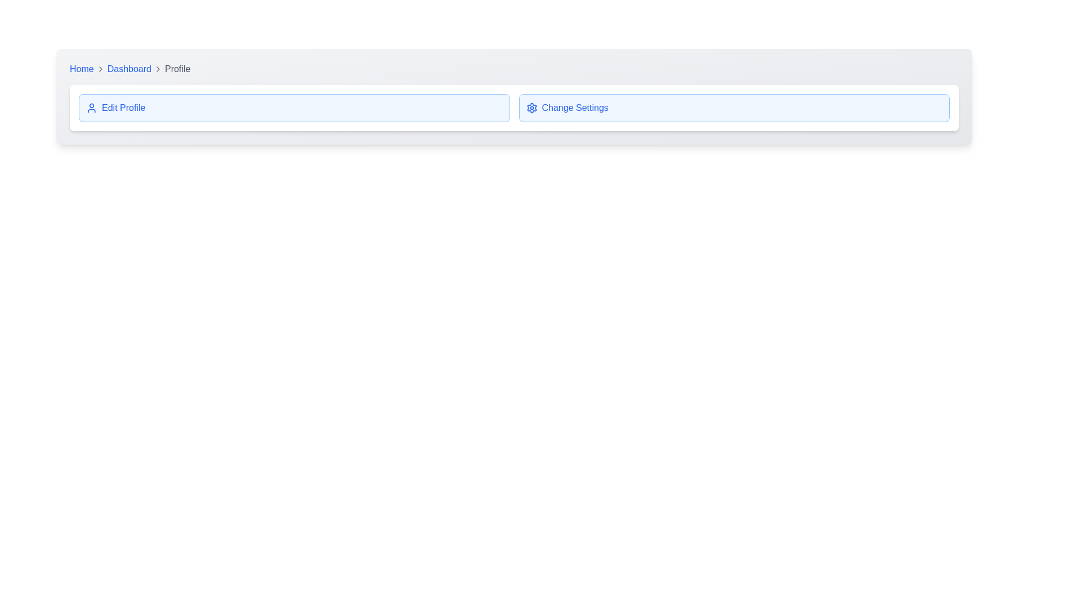 Image resolution: width=1081 pixels, height=608 pixels. What do you see at coordinates (575, 108) in the screenshot?
I see `the text label indicating an option or functionality related to changing settings, which is located within a blue-bordered rounded rectangular section on the right end of the interface` at bounding box center [575, 108].